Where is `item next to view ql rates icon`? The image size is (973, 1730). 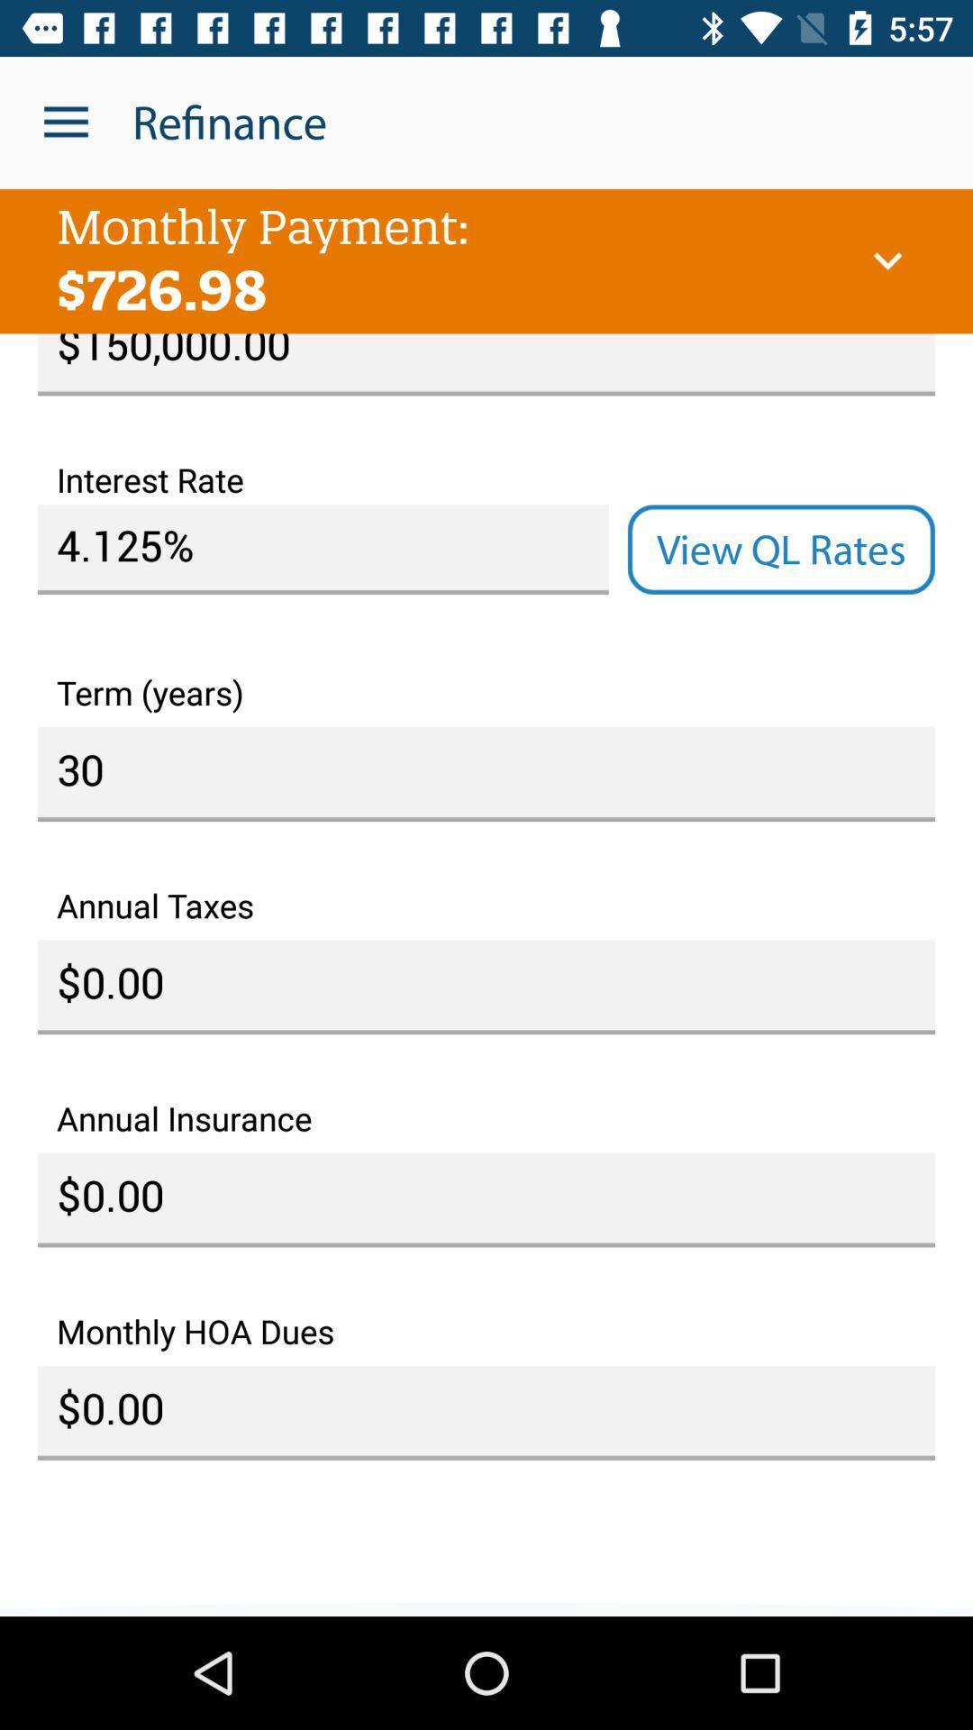
item next to view ql rates icon is located at coordinates (322, 549).